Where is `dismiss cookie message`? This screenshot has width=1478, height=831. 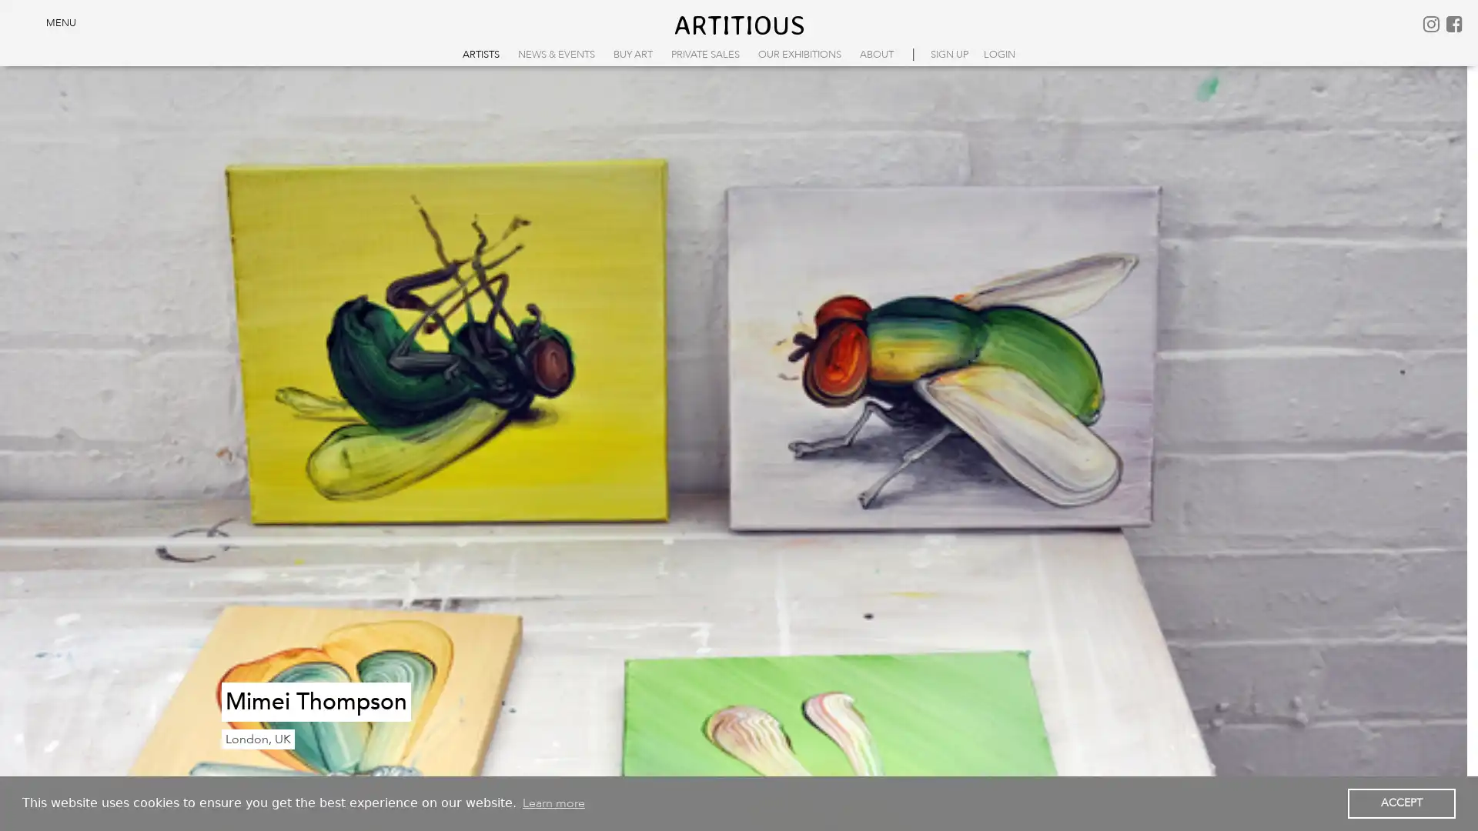
dismiss cookie message is located at coordinates (1401, 803).